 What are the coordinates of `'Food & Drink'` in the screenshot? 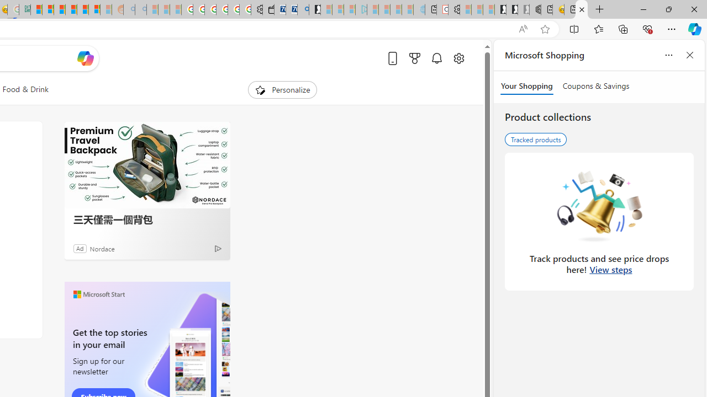 It's located at (25, 89).